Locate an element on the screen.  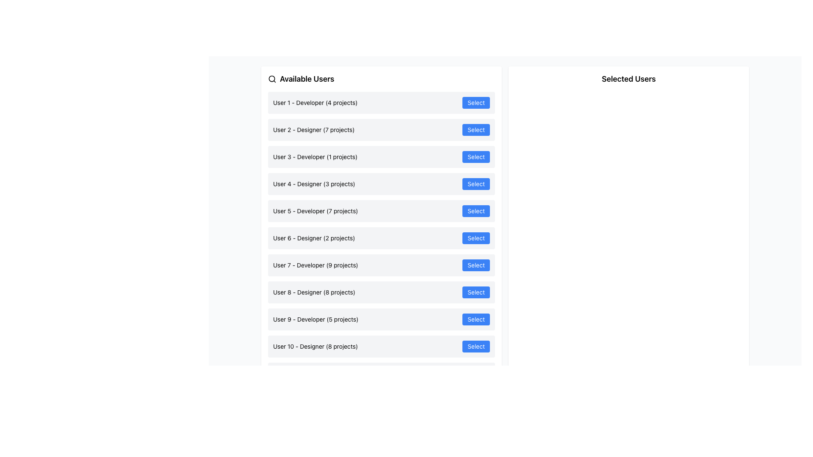
the blue 'Select' button with rounded corners that is labeled 'Select' in white text, located in the 'Available Users' section next to 'User 7 - Developer (9 projects)' is located at coordinates (476, 265).